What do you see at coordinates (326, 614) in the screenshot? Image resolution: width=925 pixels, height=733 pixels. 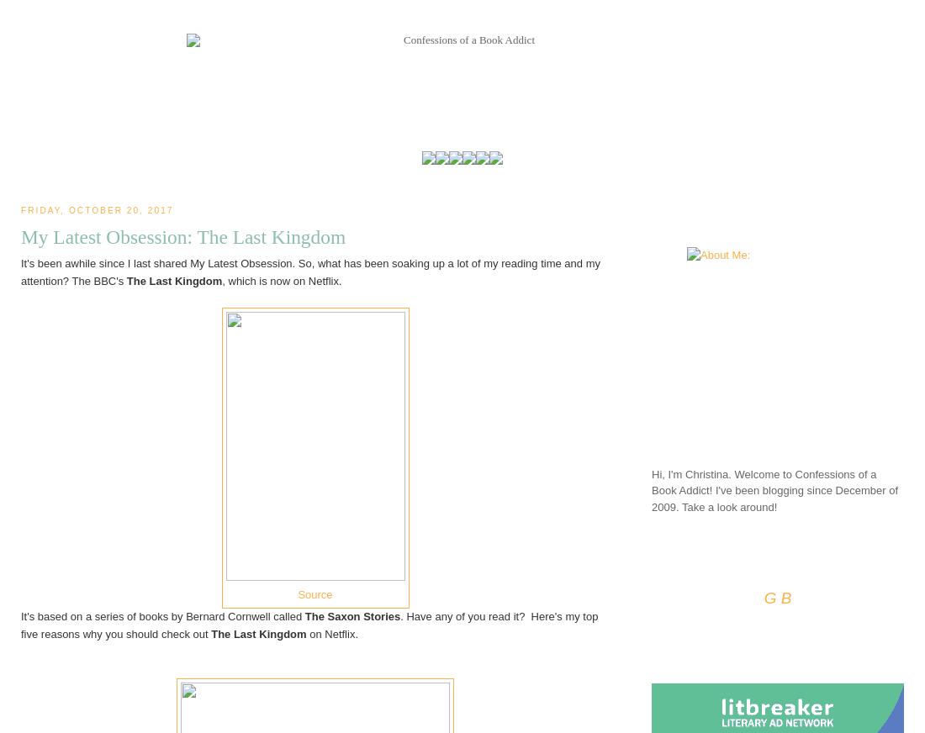 I see `'Saxon'` at bounding box center [326, 614].